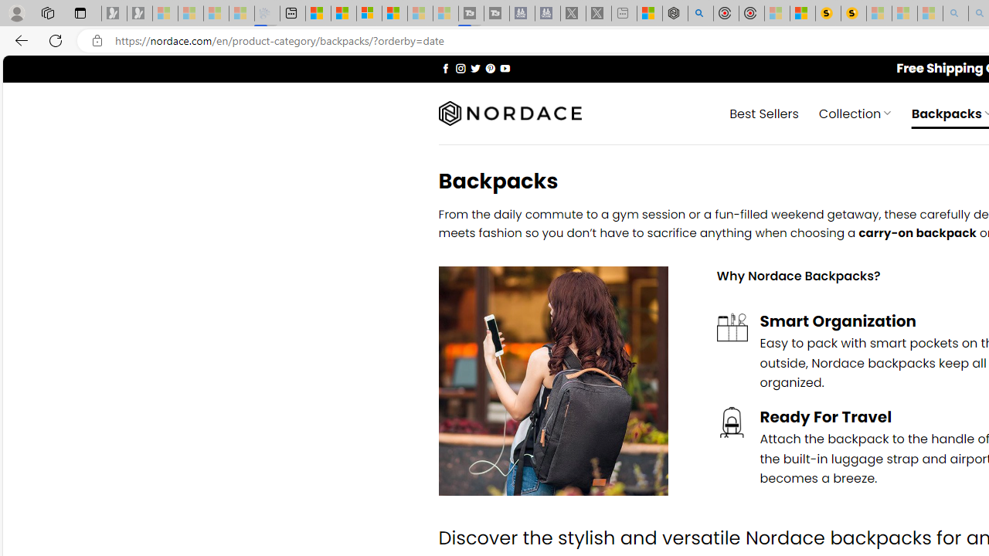 The image size is (989, 556). I want to click on 'X - Sleeping', so click(598, 13).